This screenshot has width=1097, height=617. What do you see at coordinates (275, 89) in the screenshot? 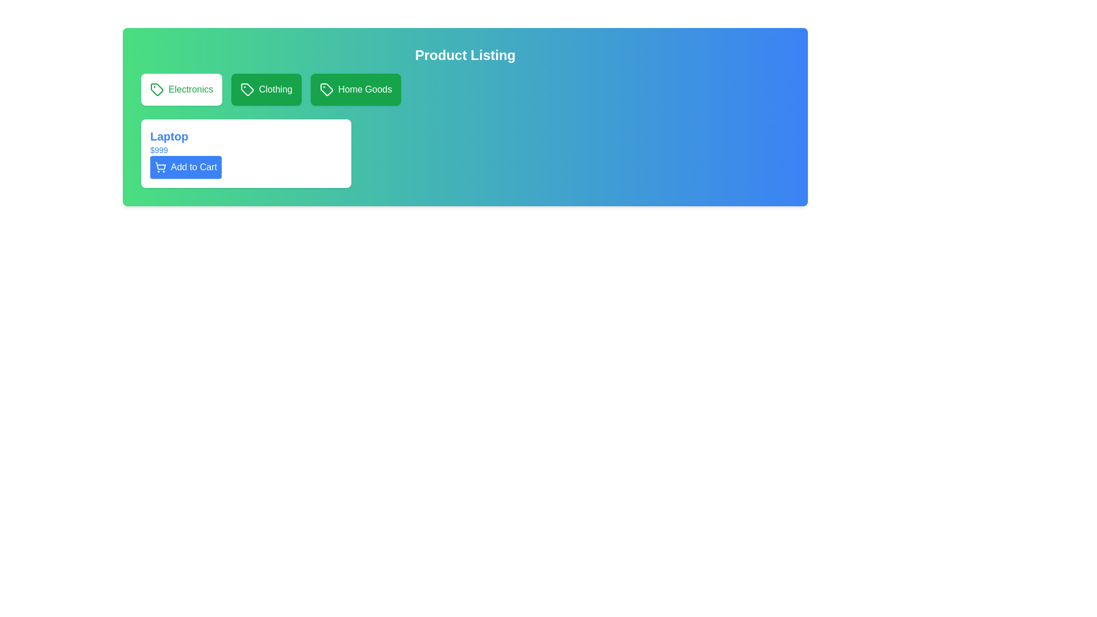
I see `the 'Clothing' text label within the second button that filters or navigates to the 'Clothing' section of the application` at bounding box center [275, 89].